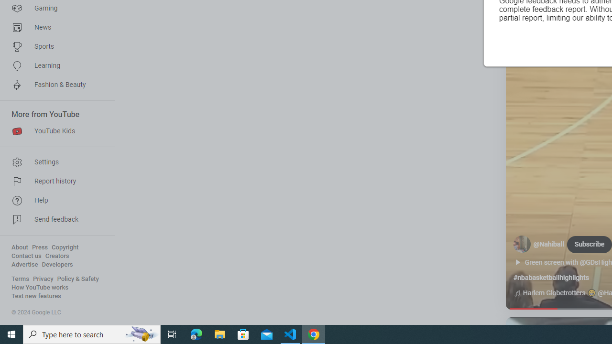  What do you see at coordinates (54, 65) in the screenshot?
I see `'Learning'` at bounding box center [54, 65].